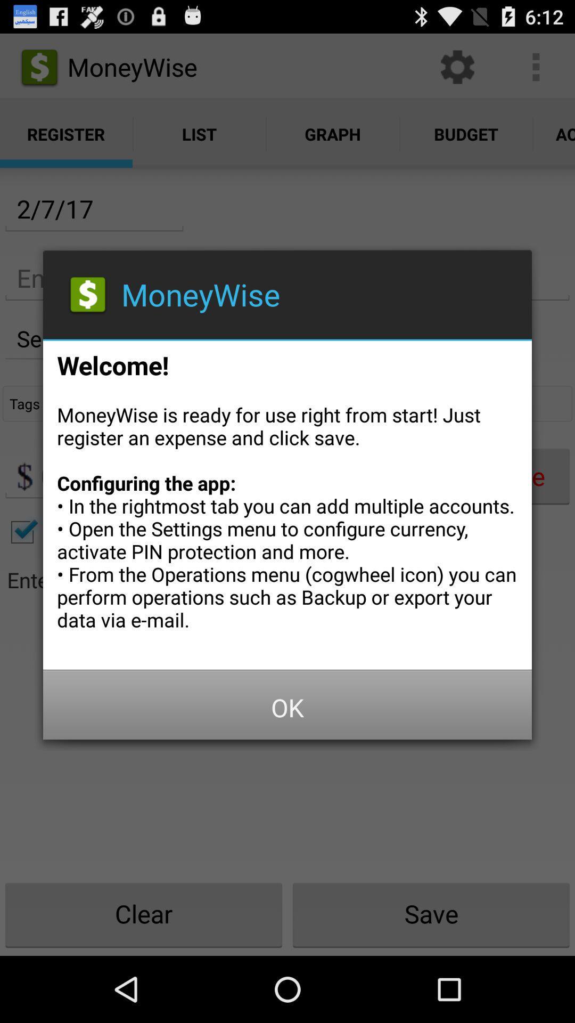 The height and width of the screenshot is (1023, 575). What do you see at coordinates (287, 708) in the screenshot?
I see `the icon below welcome moneywise is` at bounding box center [287, 708].